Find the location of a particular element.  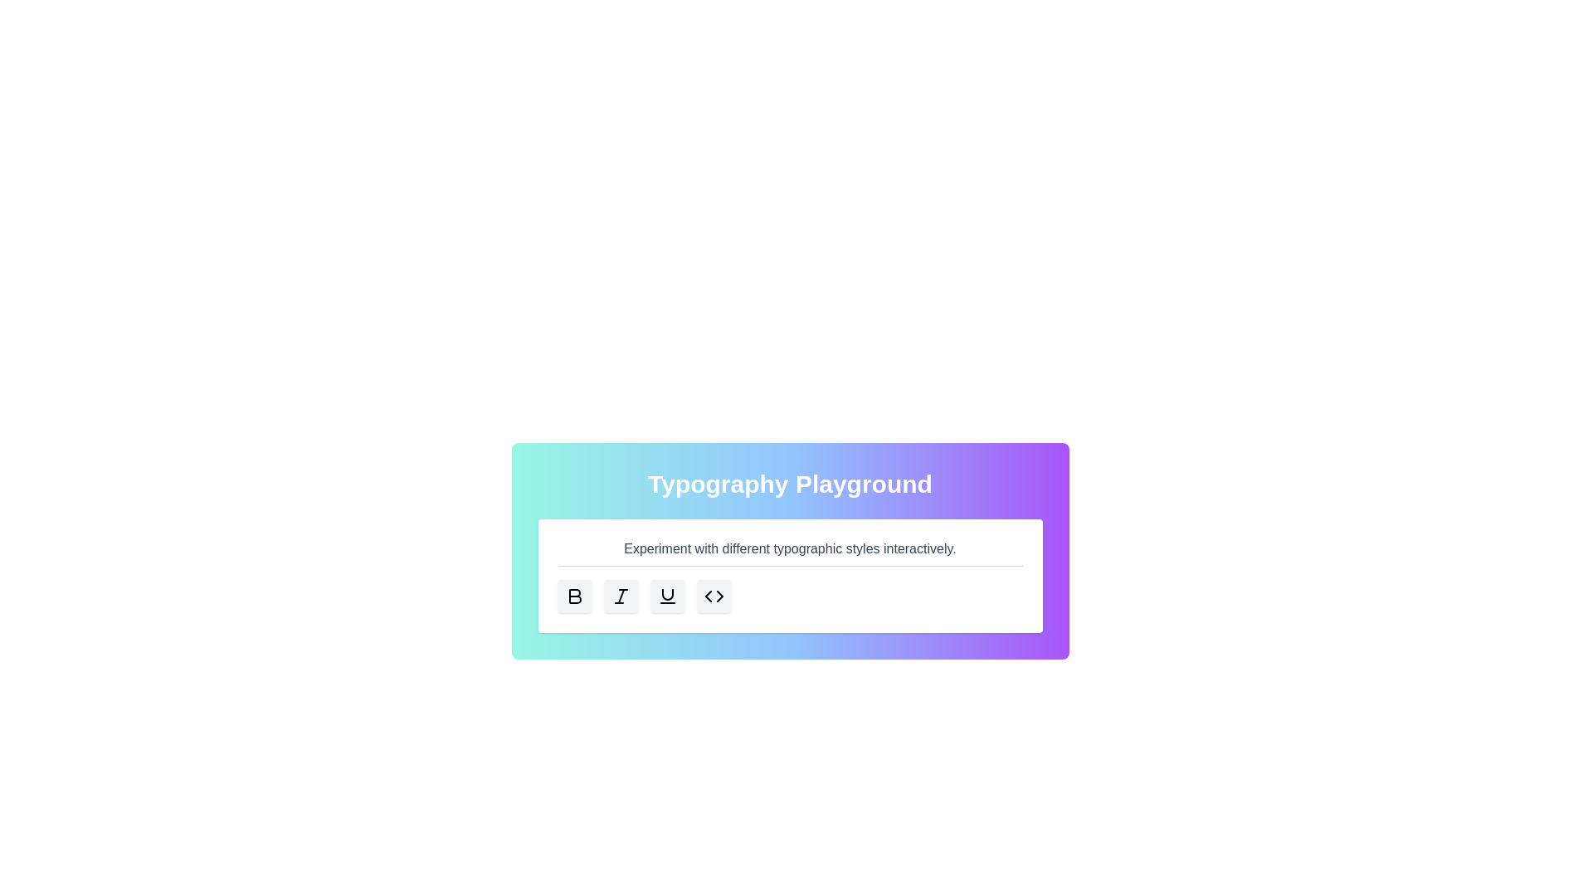

the middle diagonal line component of the italic text icon is located at coordinates (620, 595).